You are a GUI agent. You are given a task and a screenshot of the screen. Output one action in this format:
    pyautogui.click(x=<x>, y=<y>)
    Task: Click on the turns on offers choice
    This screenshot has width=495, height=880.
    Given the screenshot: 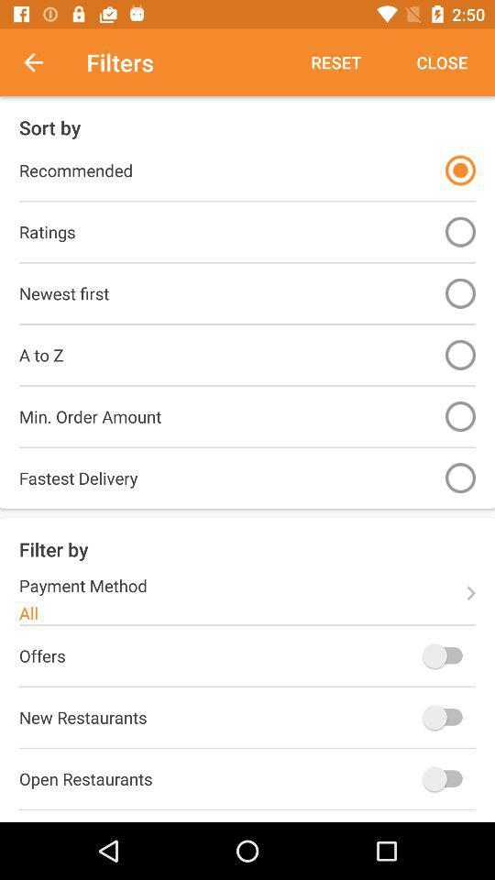 What is the action you would take?
    pyautogui.click(x=445, y=655)
    